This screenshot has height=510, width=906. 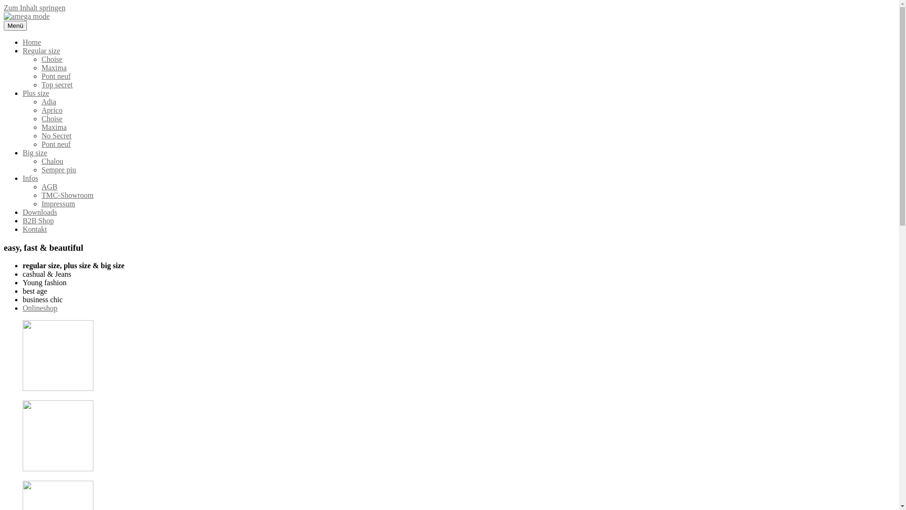 What do you see at coordinates (49, 187) in the screenshot?
I see `'AGB'` at bounding box center [49, 187].